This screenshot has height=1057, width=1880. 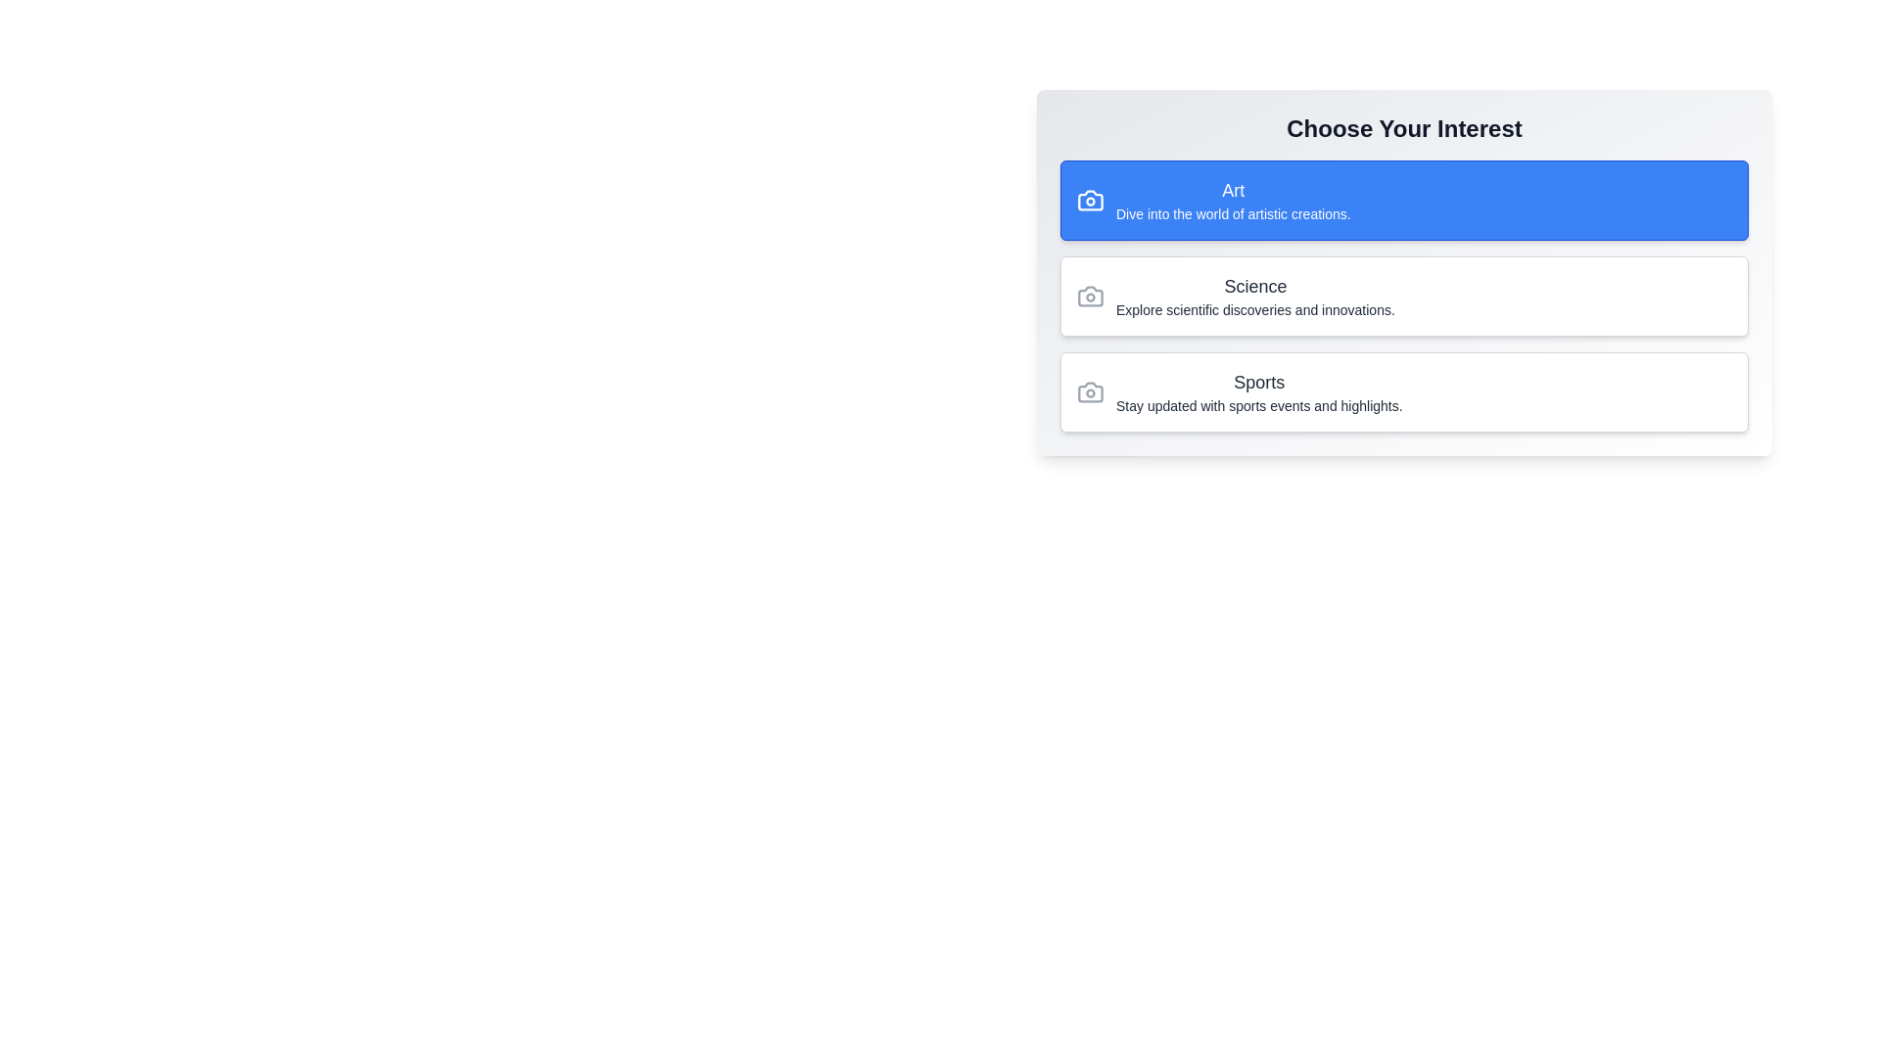 I want to click on the static text label that displays the word 'Sports', which is styled with a bold font and is centrally aligned within a white card, so click(x=1259, y=382).